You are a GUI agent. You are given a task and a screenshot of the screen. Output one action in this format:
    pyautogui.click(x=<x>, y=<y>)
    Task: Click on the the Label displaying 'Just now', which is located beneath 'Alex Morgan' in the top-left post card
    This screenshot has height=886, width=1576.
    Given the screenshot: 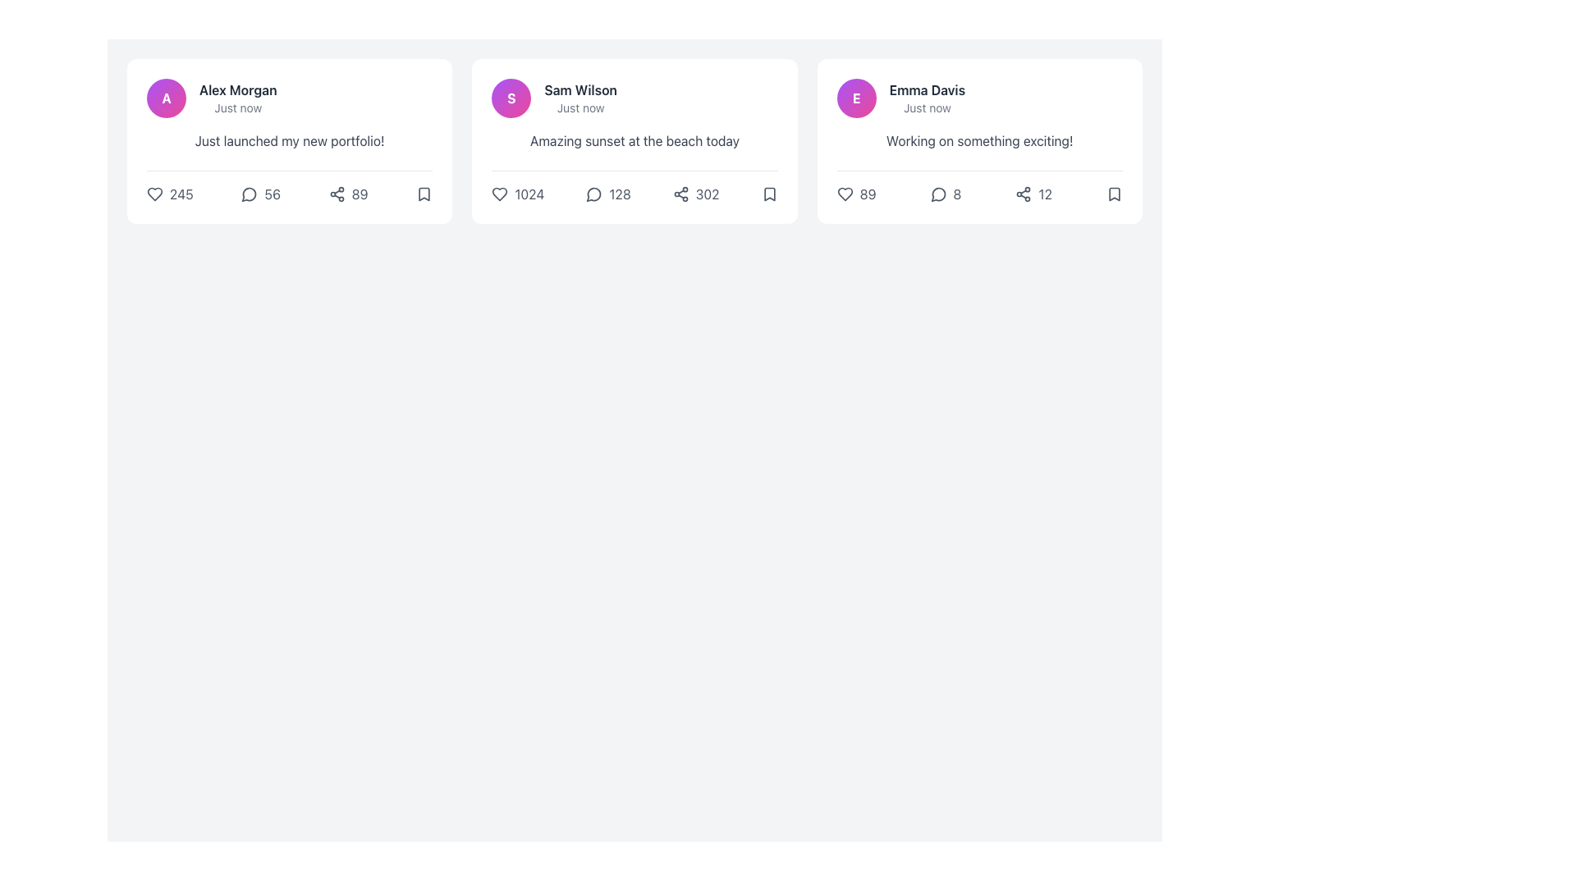 What is the action you would take?
    pyautogui.click(x=237, y=107)
    